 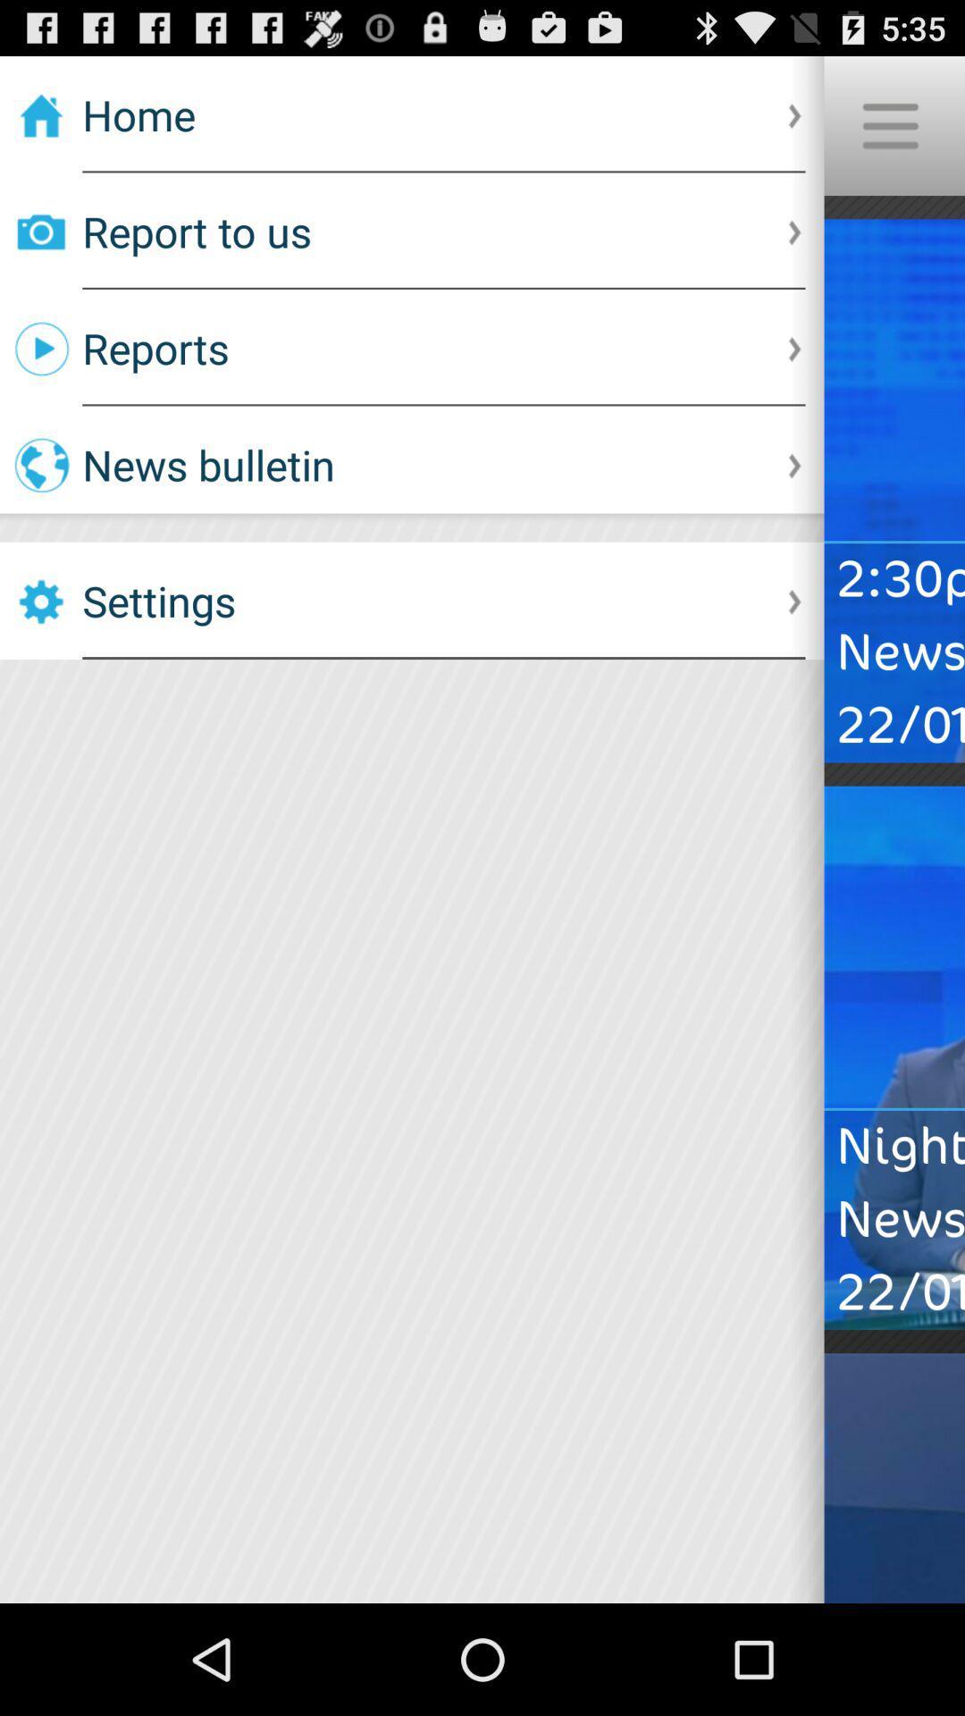 I want to click on the menu icon, so click(x=889, y=133).